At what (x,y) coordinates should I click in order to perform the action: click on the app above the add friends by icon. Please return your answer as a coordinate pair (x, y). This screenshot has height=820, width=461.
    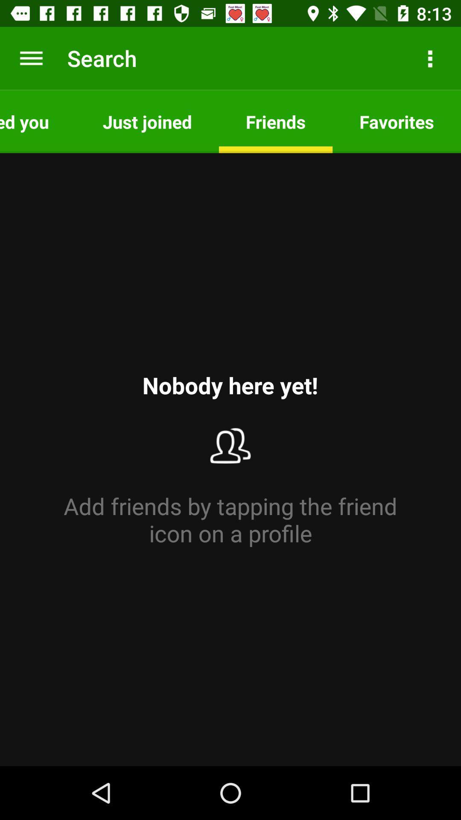
    Looking at the image, I should click on (37, 121).